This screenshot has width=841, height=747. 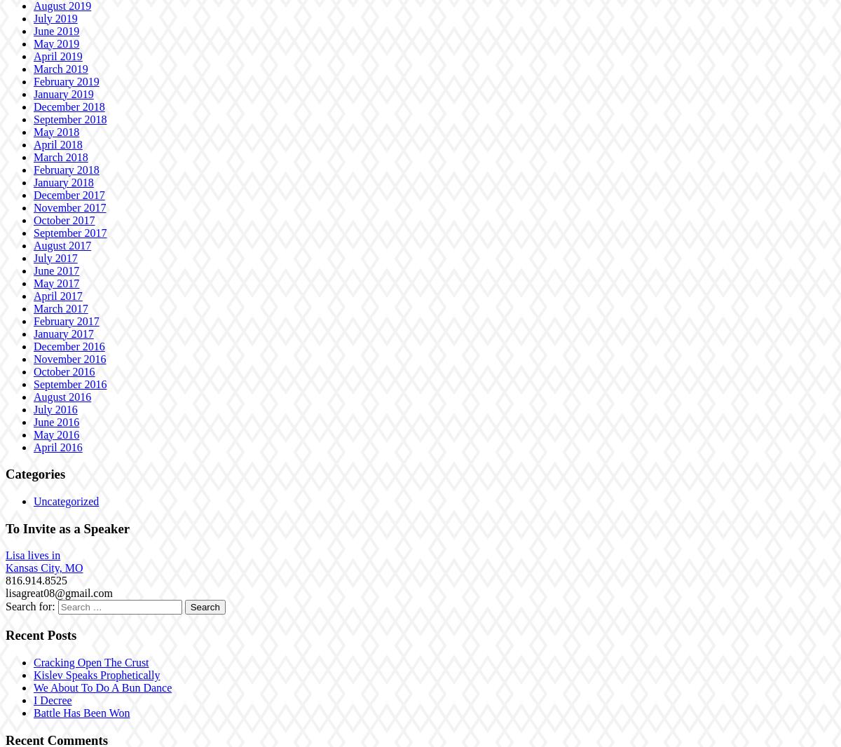 What do you see at coordinates (34, 282) in the screenshot?
I see `'May 2017'` at bounding box center [34, 282].